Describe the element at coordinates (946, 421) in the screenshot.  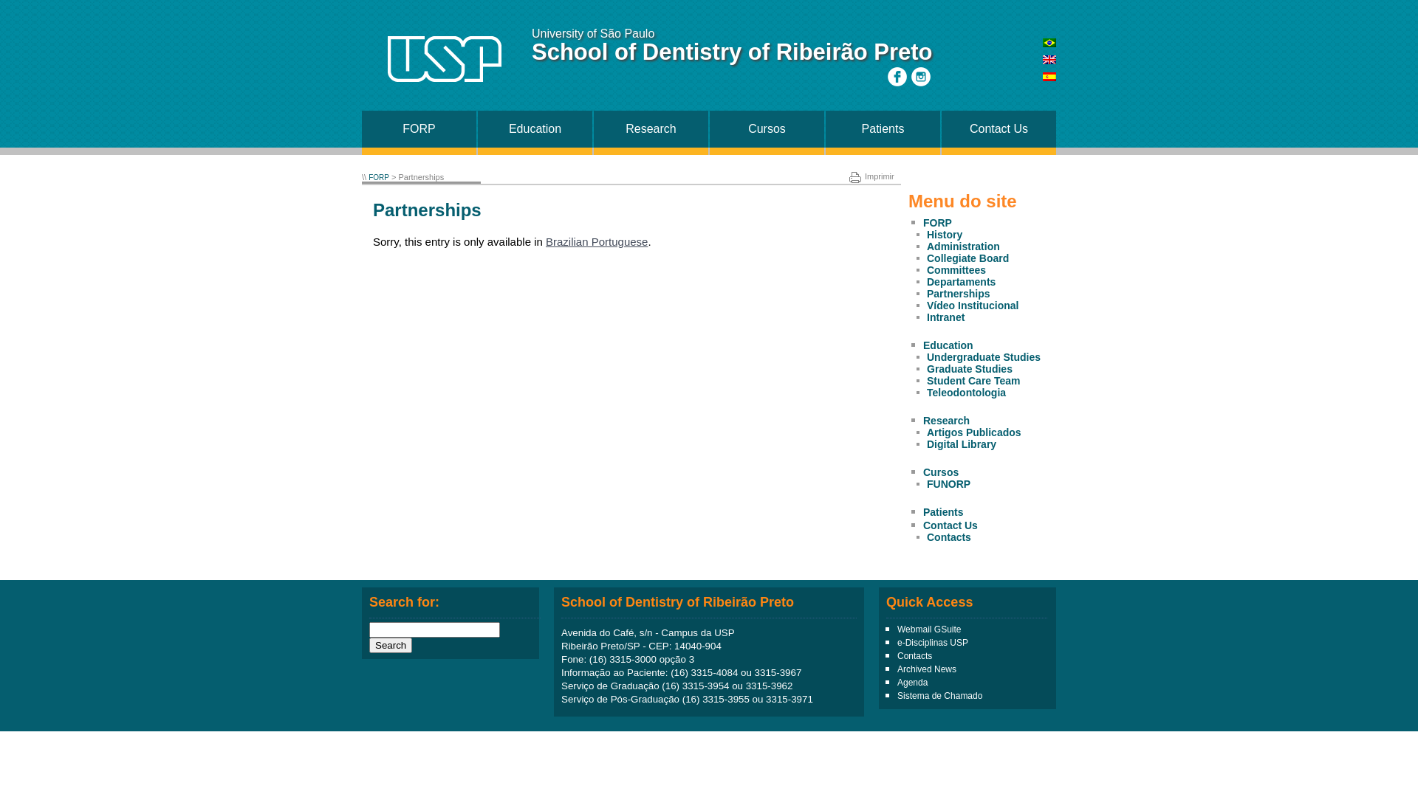
I see `'Research'` at that location.